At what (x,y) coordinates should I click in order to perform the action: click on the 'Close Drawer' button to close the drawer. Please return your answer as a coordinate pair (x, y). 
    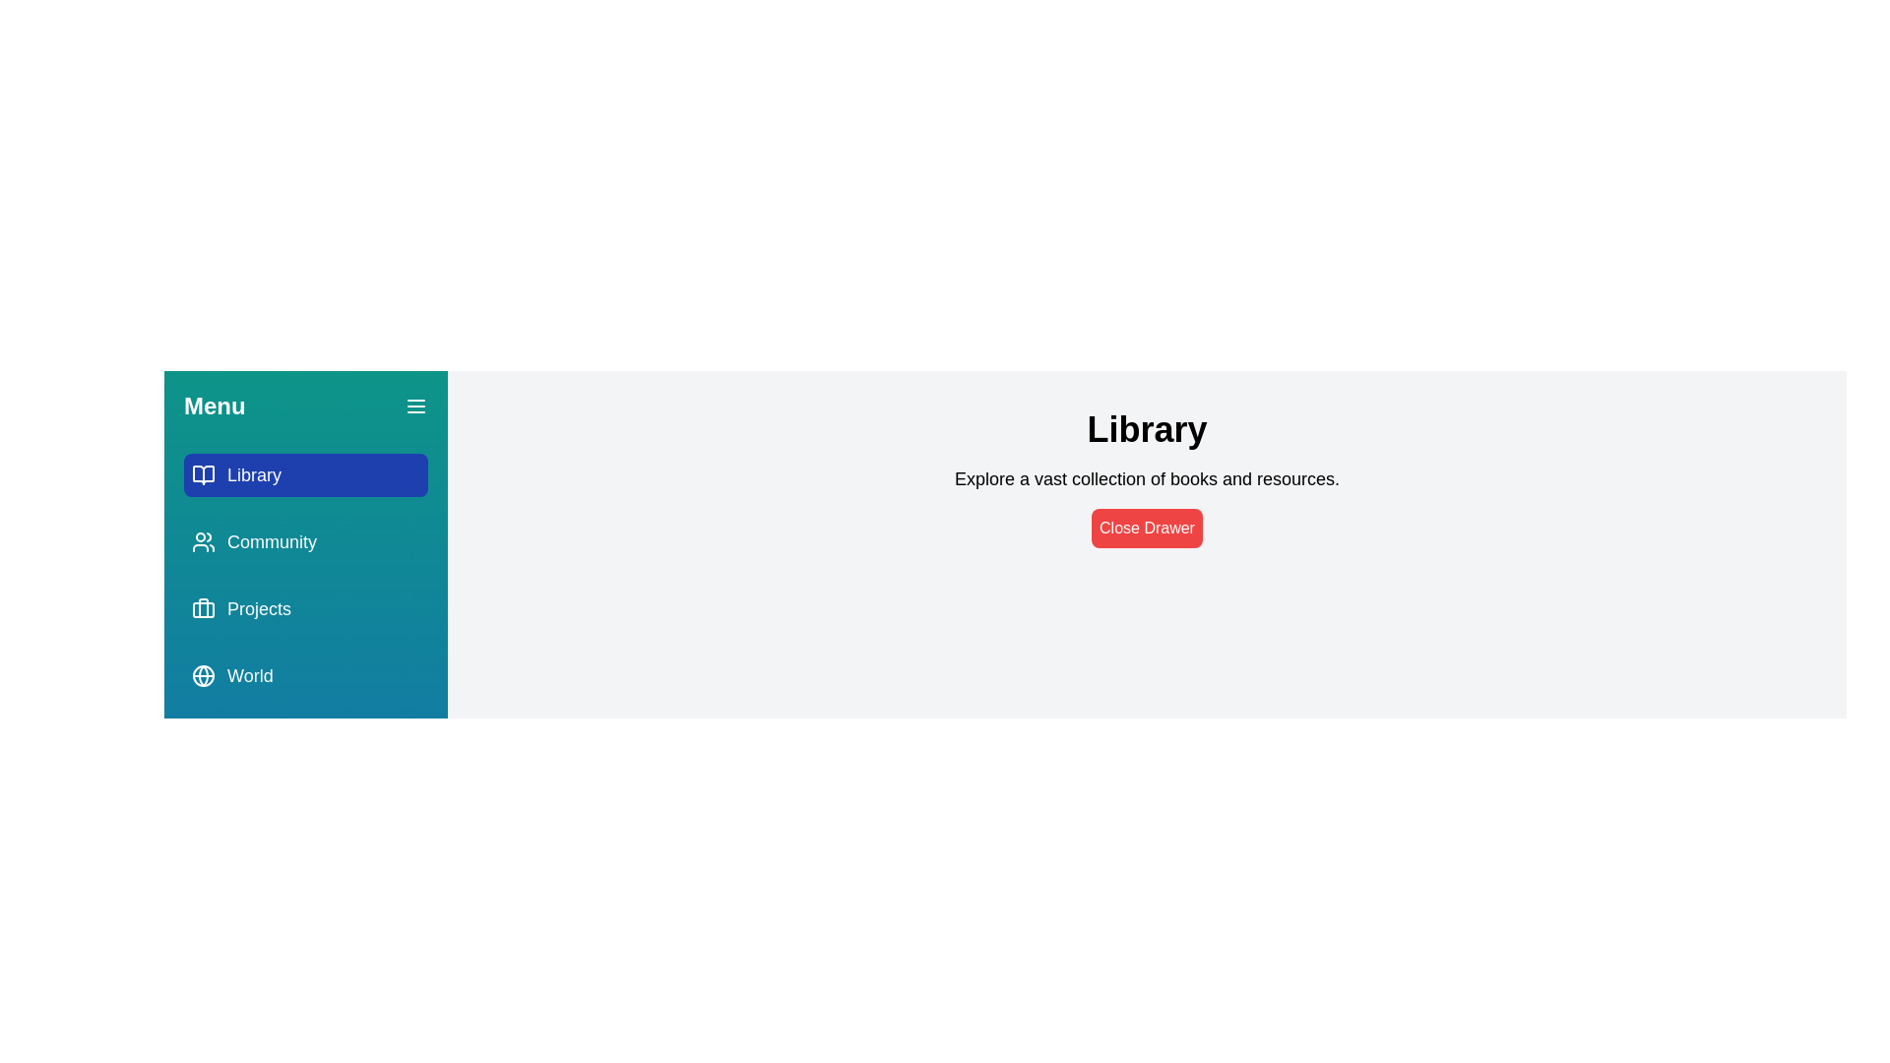
    Looking at the image, I should click on (1147, 527).